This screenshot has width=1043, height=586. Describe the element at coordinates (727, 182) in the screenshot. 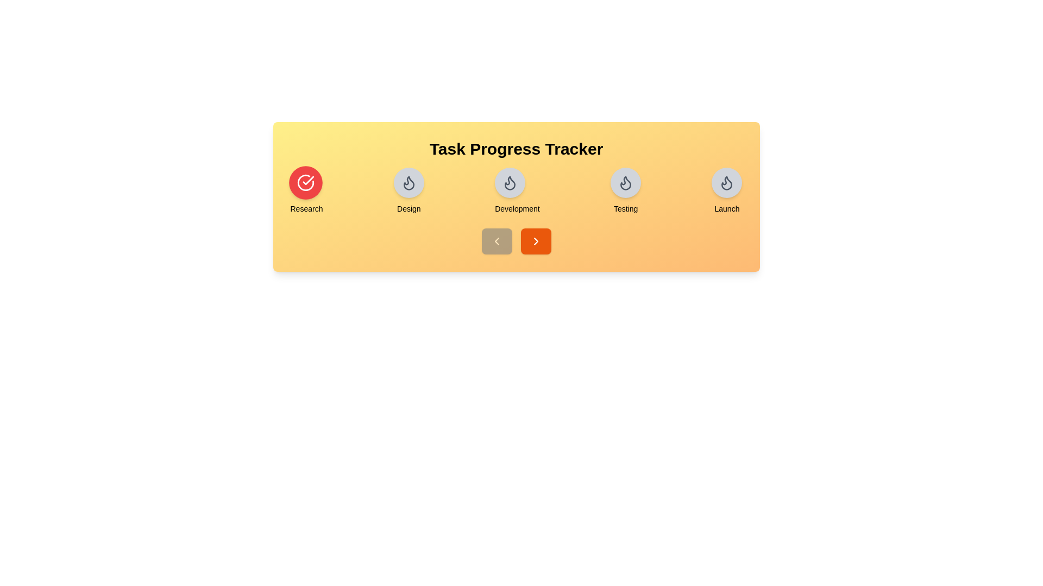

I see `the circular icon with a flame design, which serves as the last stage indicator in the 'Task Progress Tracker' row labeled 'Launch'` at that location.